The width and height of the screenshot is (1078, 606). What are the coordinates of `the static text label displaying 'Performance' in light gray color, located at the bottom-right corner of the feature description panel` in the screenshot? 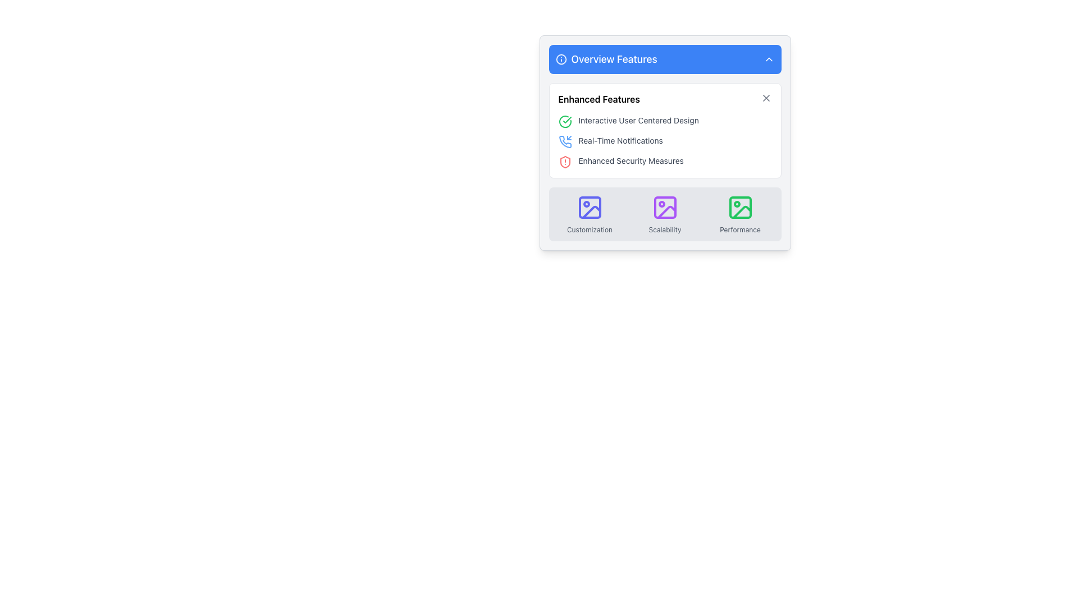 It's located at (740, 229).